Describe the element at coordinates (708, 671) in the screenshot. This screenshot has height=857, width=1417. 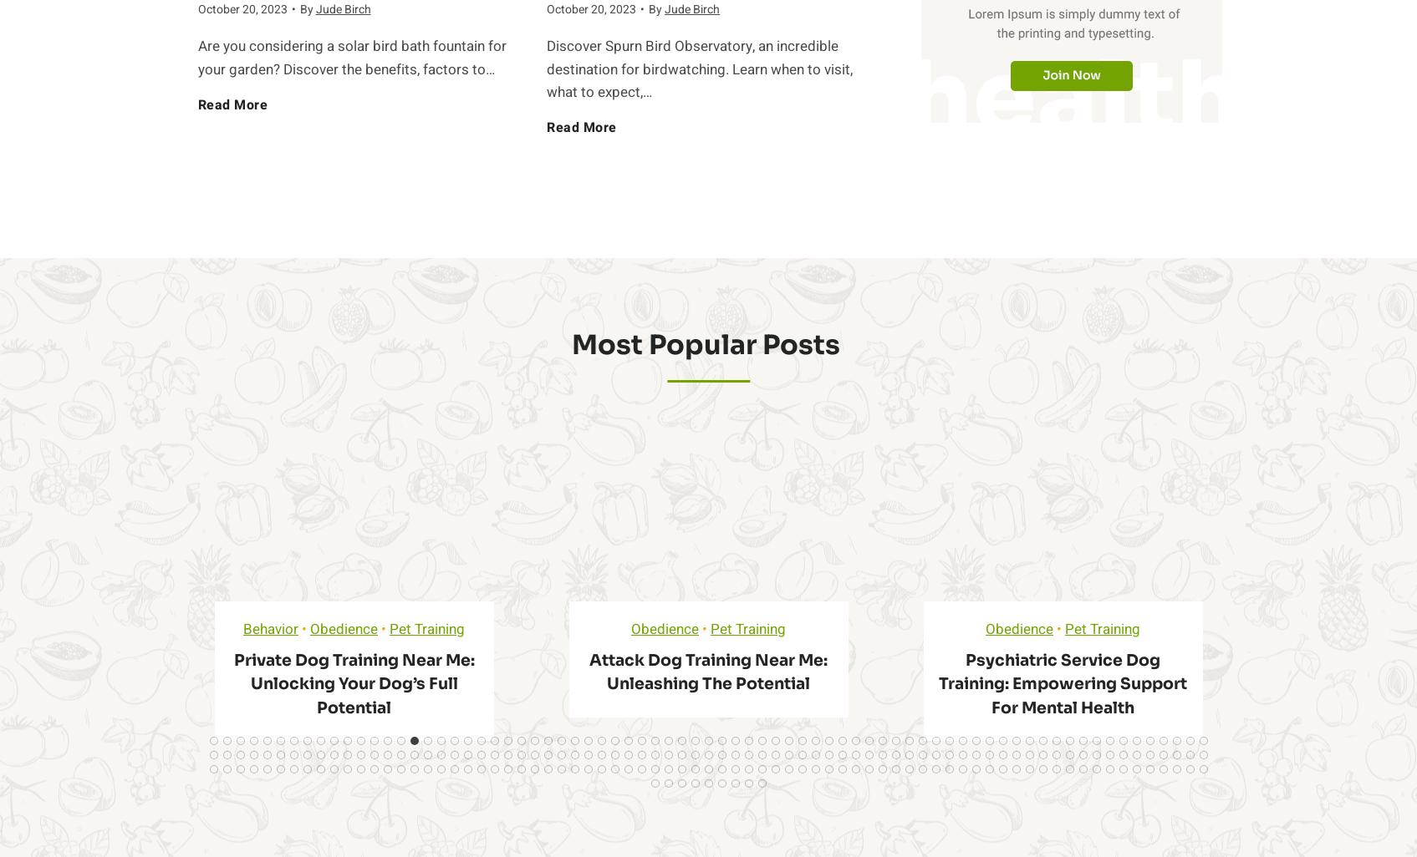
I see `'Attack Dog Training near me: Unleashing the Potential'` at that location.